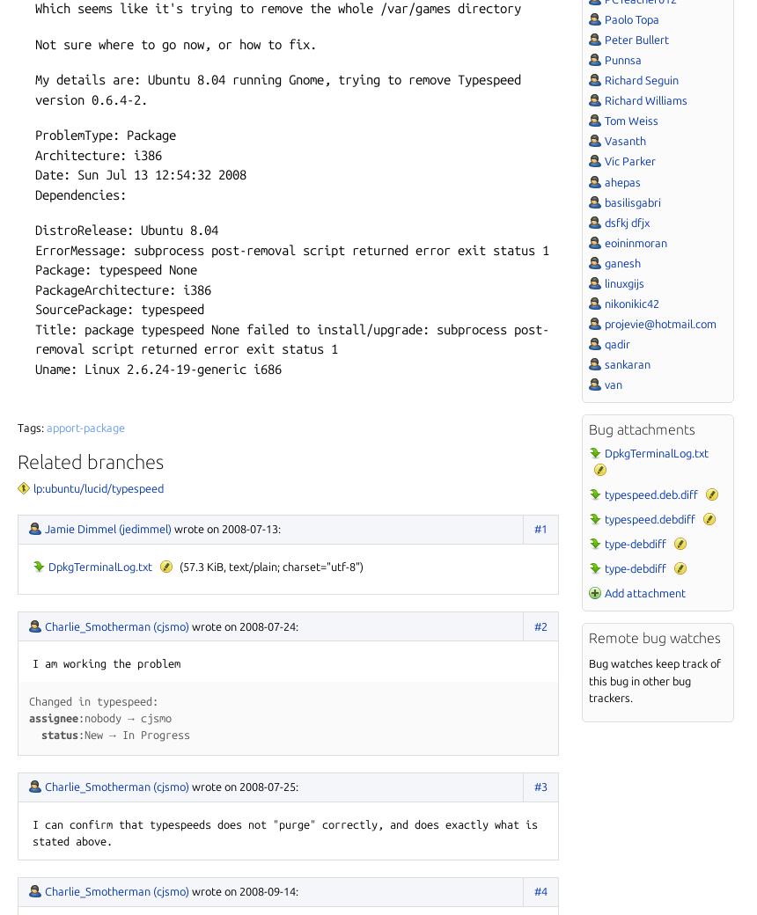 This screenshot has width=757, height=915. What do you see at coordinates (207, 526) in the screenshot?
I see `'on 2008-07-13'` at bounding box center [207, 526].